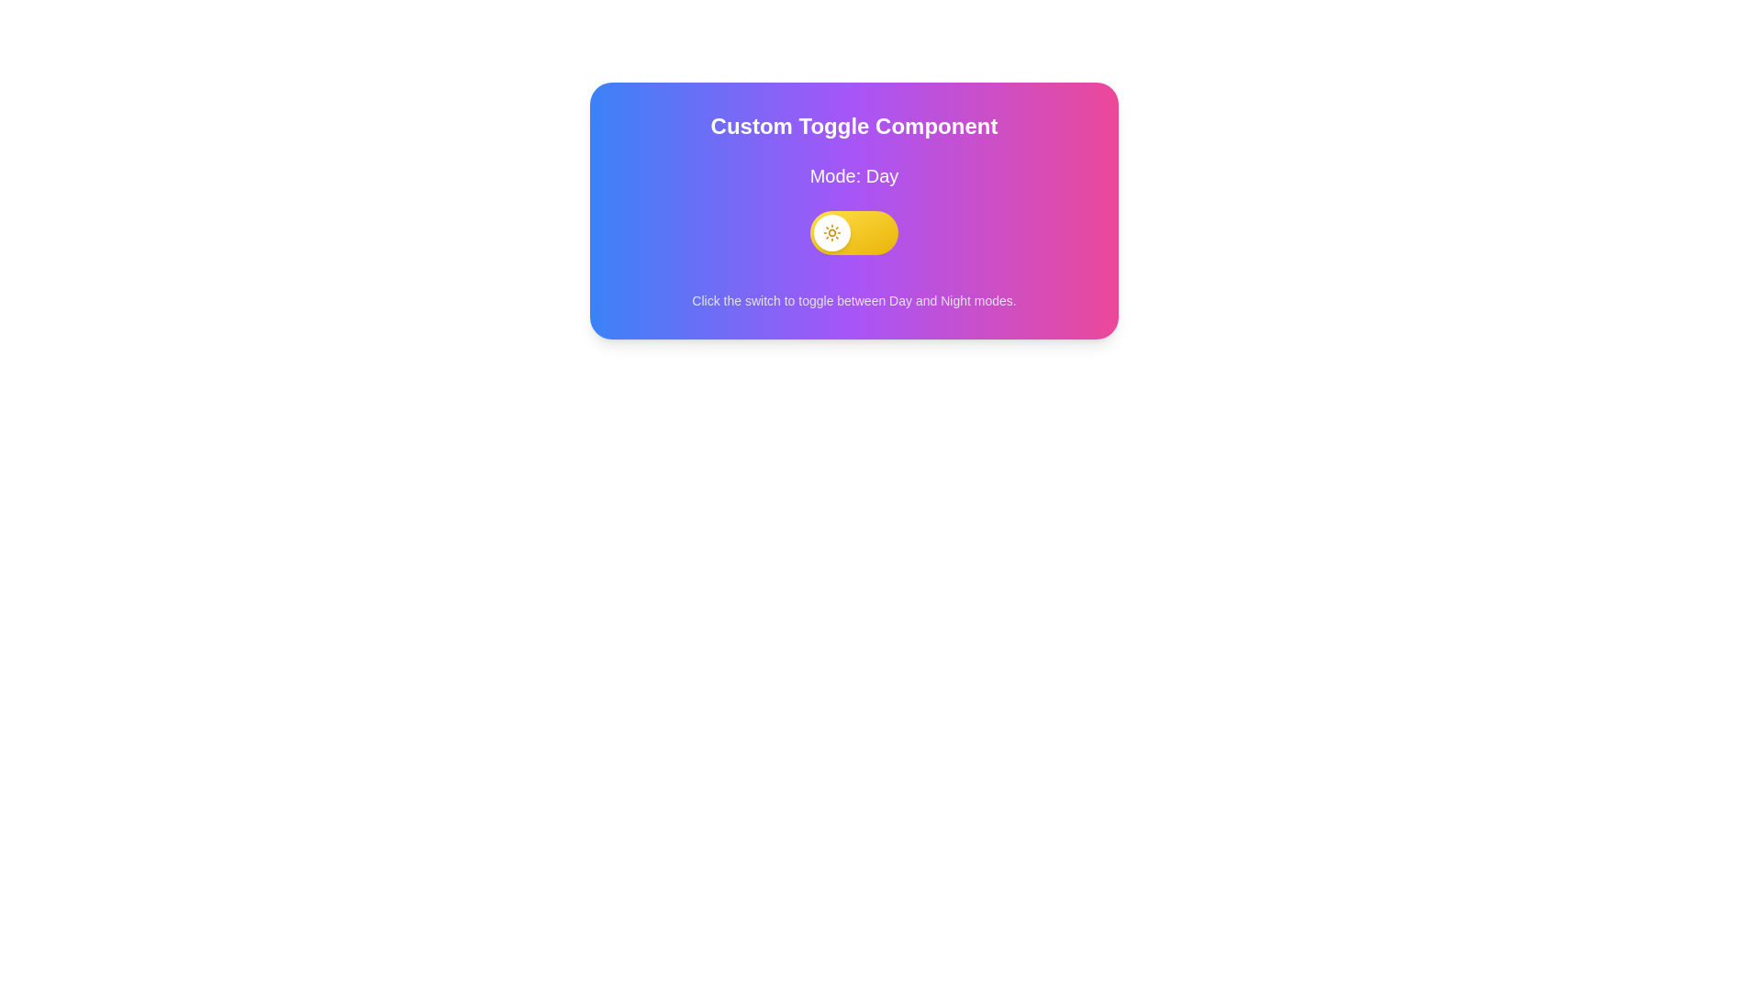 The height and width of the screenshot is (991, 1762). I want to click on the text label displaying the message 'Click the switch to toggle between Day and Night modes.' which is positioned below the toggle switch labeled 'Mode: Day', so click(853, 299).